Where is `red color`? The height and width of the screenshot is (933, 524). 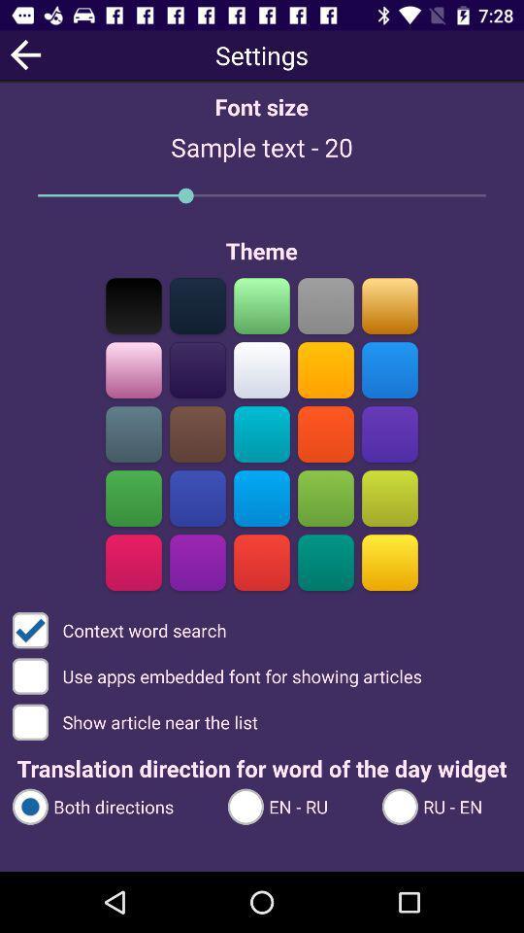 red color is located at coordinates (262, 562).